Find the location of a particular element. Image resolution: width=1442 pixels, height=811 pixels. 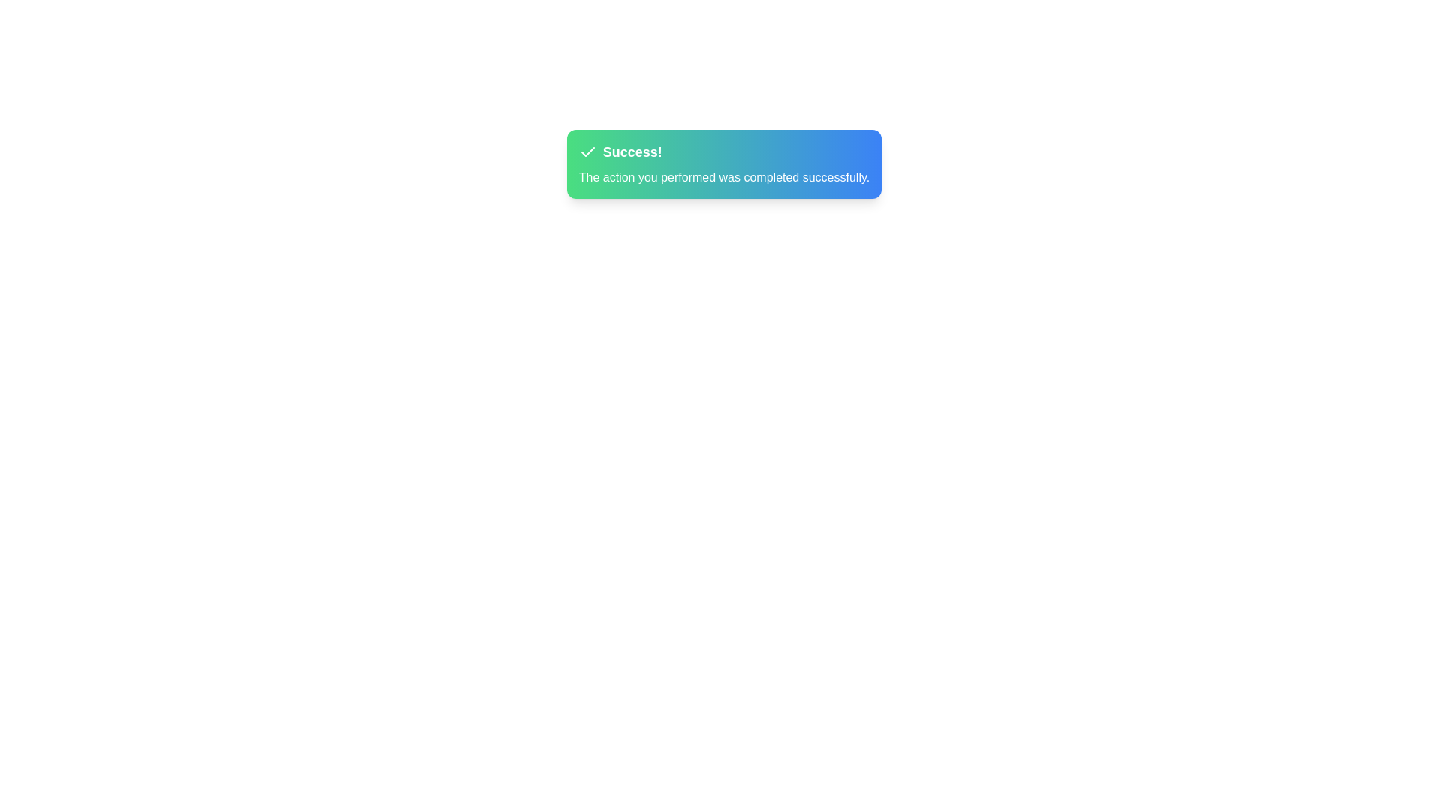

the check icon in the snackbar is located at coordinates (587, 152).